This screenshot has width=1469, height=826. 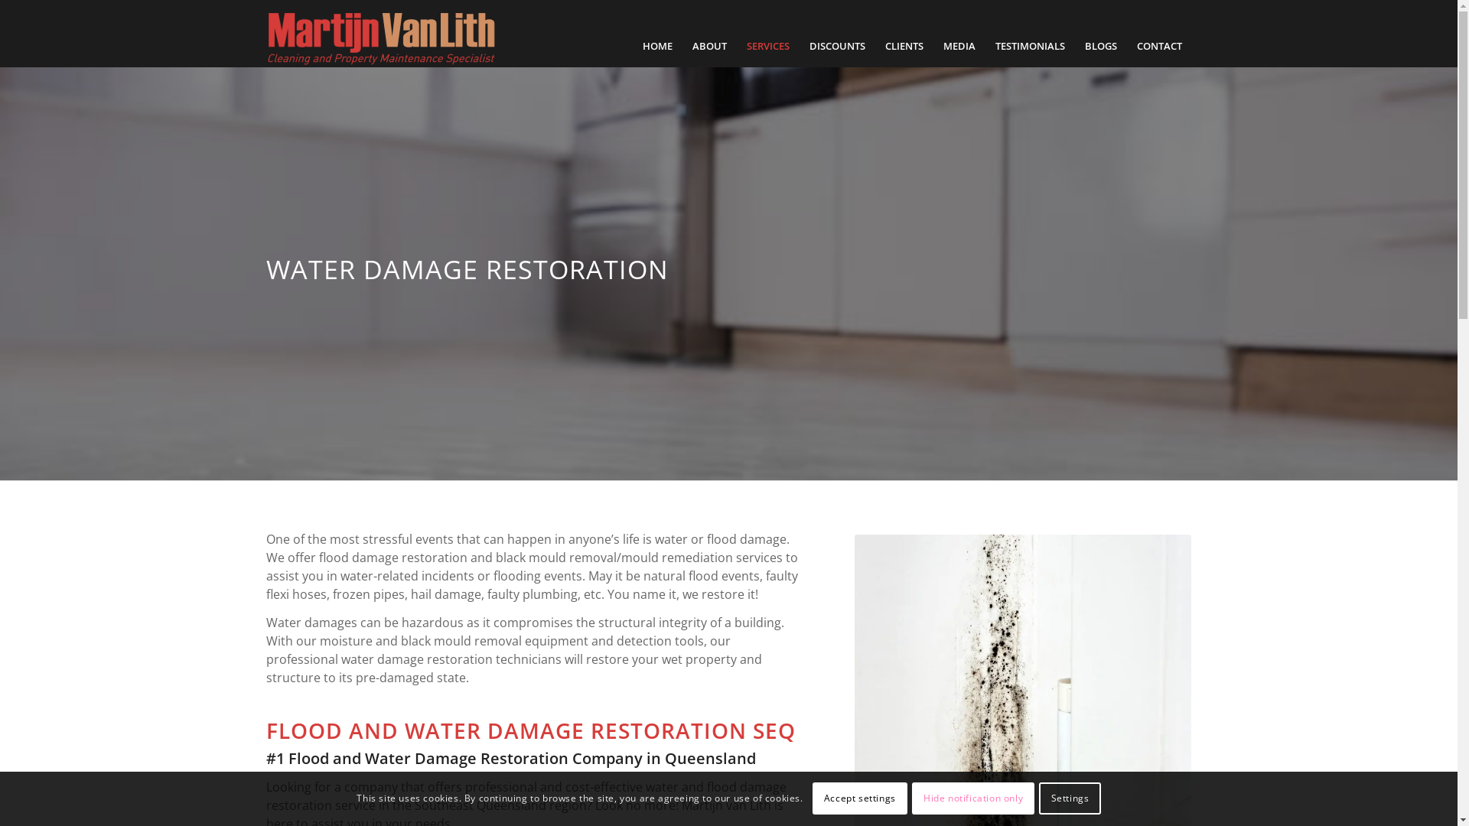 What do you see at coordinates (1068, 798) in the screenshot?
I see `'Settings'` at bounding box center [1068, 798].